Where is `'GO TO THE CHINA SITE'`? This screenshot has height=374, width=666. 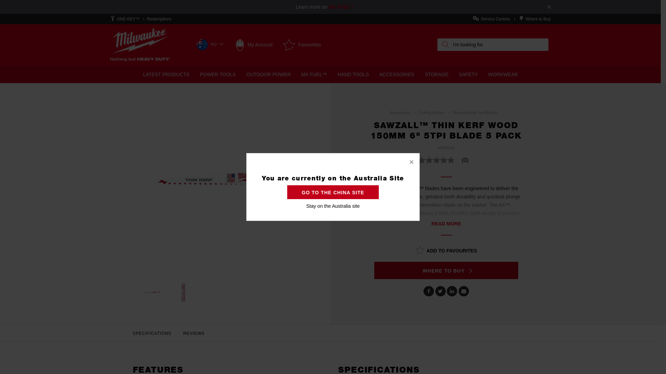 'GO TO THE CHINA SITE' is located at coordinates (287, 192).